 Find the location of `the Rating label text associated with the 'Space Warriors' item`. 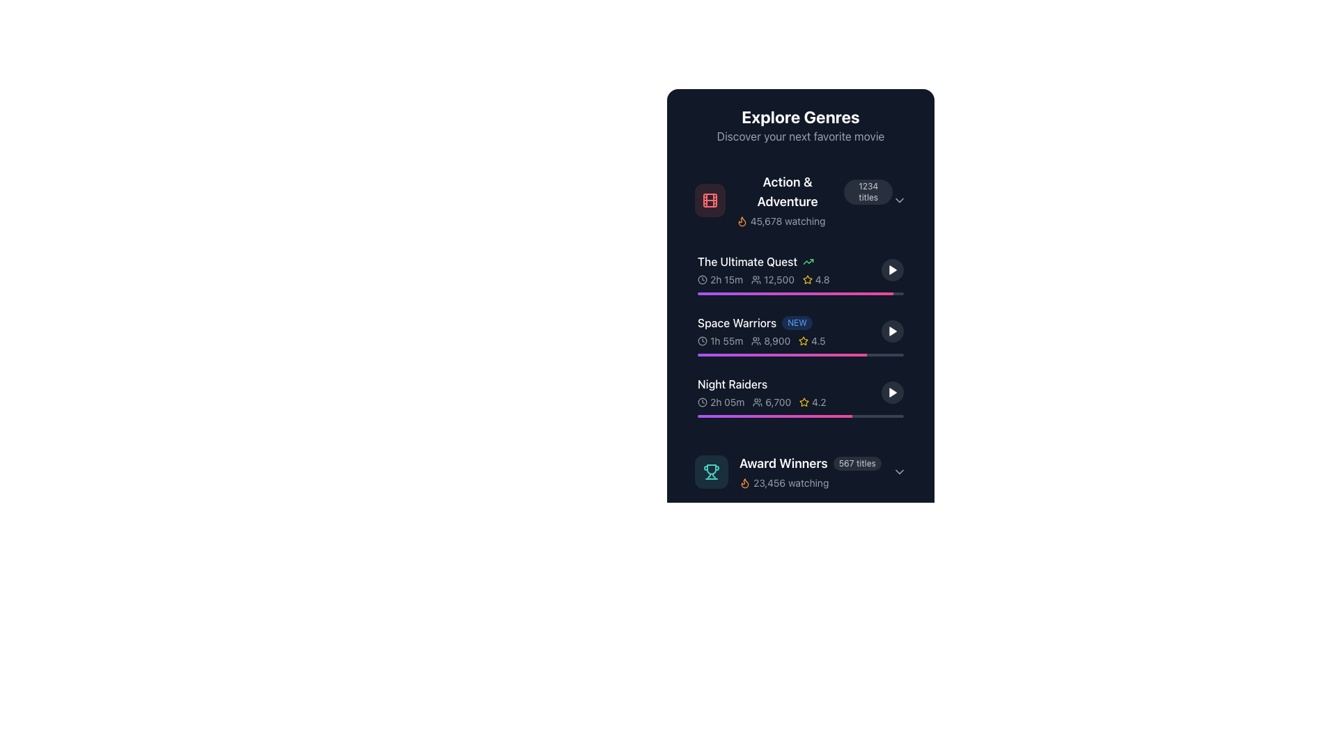

the Rating label text associated with the 'Space Warriors' item is located at coordinates (818, 340).